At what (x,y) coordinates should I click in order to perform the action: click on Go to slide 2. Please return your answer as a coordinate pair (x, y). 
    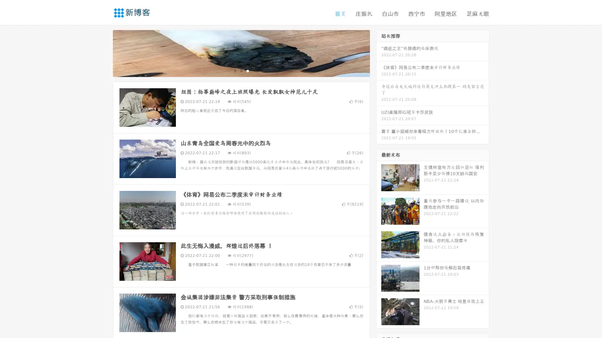
    Looking at the image, I should click on (241, 70).